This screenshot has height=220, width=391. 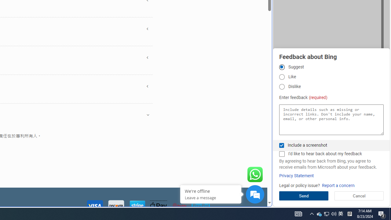 What do you see at coordinates (338, 185) in the screenshot?
I see `'Report a concern'` at bounding box center [338, 185].